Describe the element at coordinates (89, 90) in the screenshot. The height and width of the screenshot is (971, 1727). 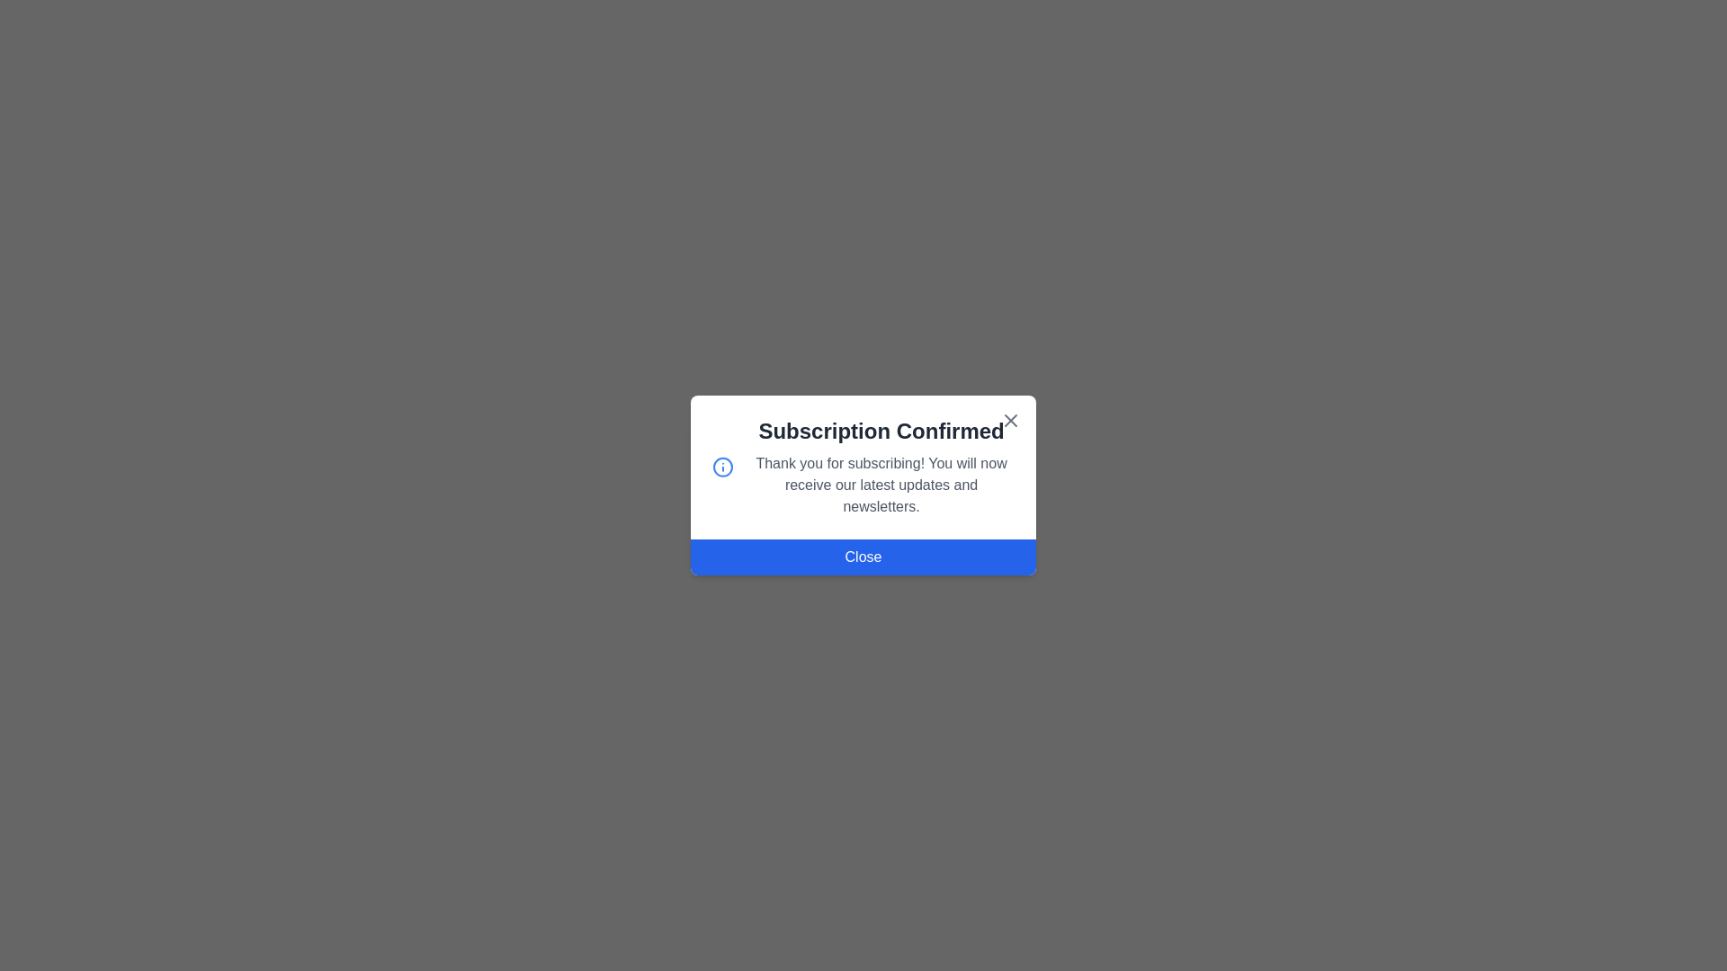
I see `the background area to close the dialog` at that location.